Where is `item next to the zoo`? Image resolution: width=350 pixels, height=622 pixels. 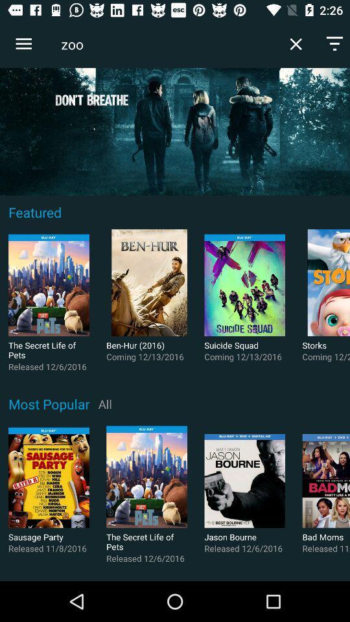
item next to the zoo is located at coordinates (296, 44).